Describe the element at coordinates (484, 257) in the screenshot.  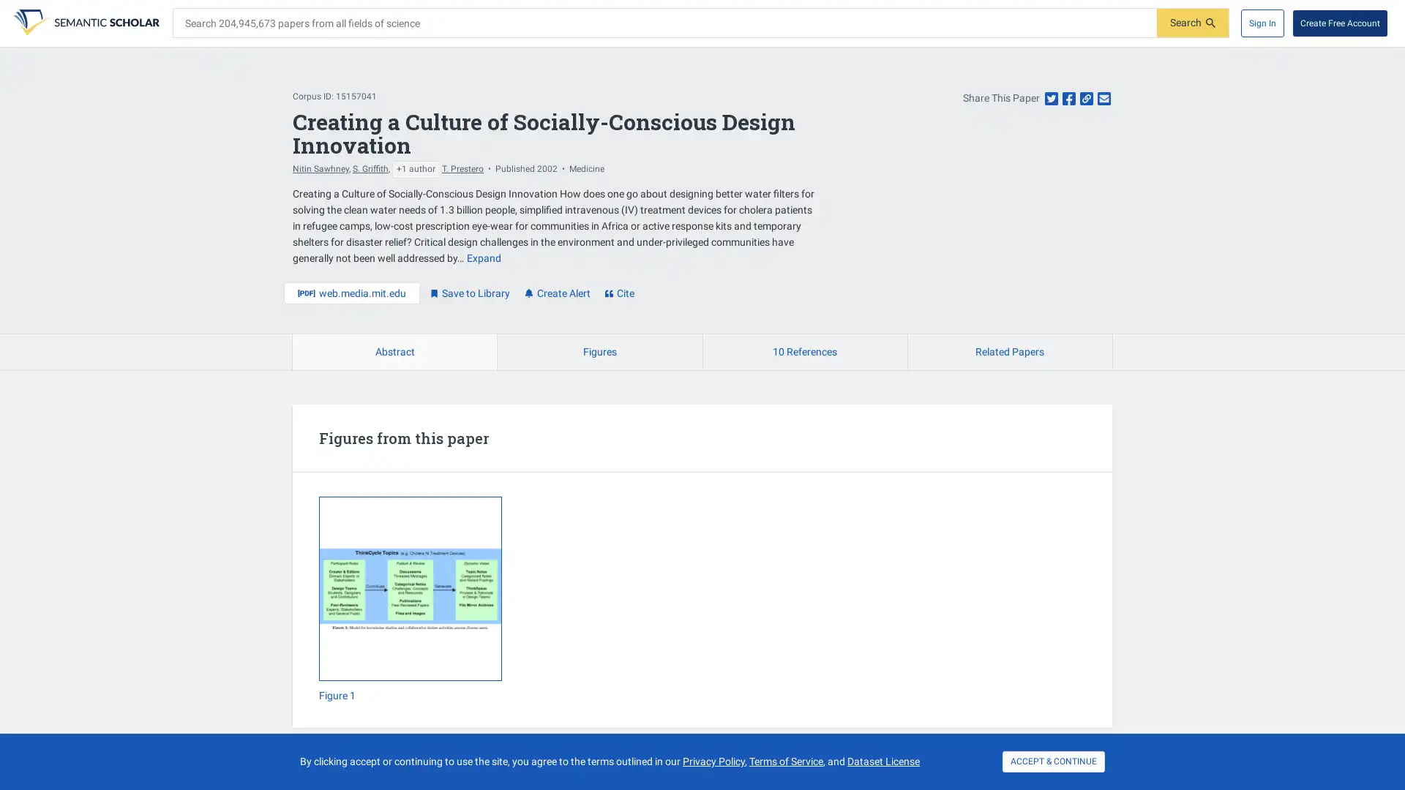
I see `Expand truncated text` at that location.